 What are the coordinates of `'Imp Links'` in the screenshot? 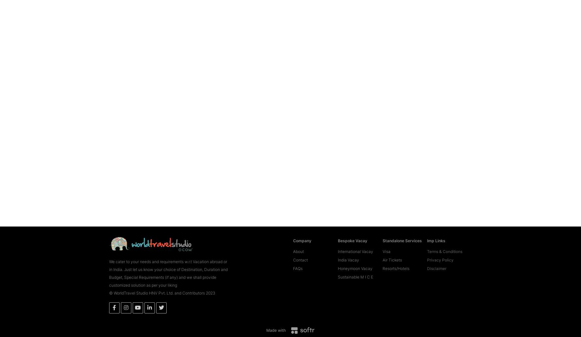 It's located at (436, 231).